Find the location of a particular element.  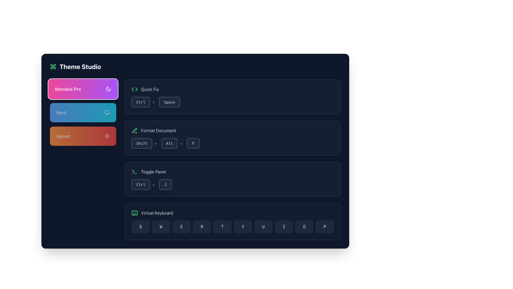

the 'Ctrl' key display element, which is part of a keyboard shortcut representation located in the 'Toggle Panel' section, positioned to the left of a '+' symbol and above a 'J' key is located at coordinates (141, 184).